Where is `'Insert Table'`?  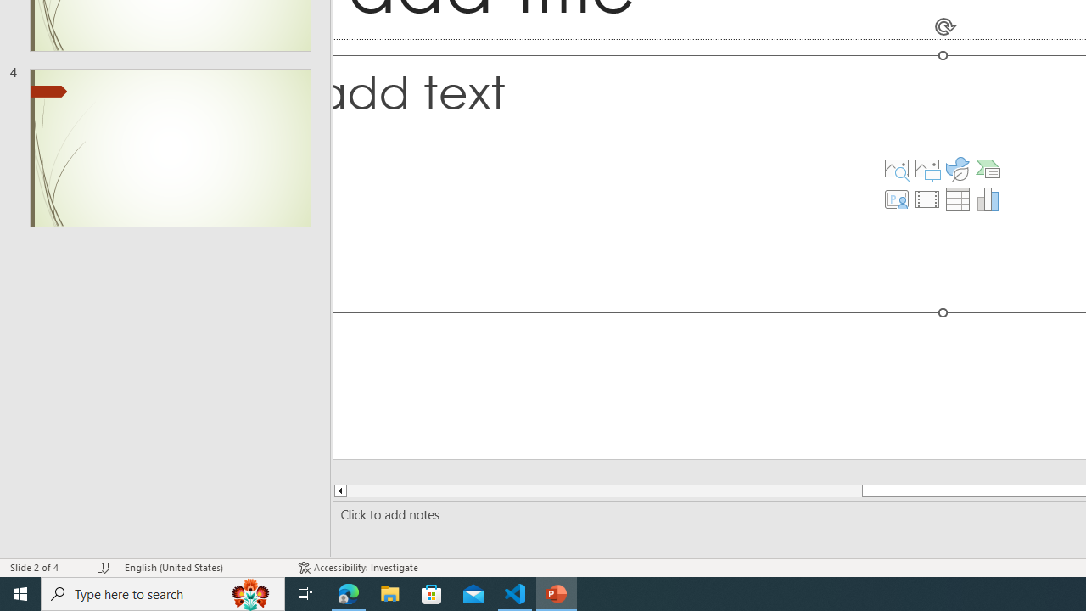
'Insert Table' is located at coordinates (958, 199).